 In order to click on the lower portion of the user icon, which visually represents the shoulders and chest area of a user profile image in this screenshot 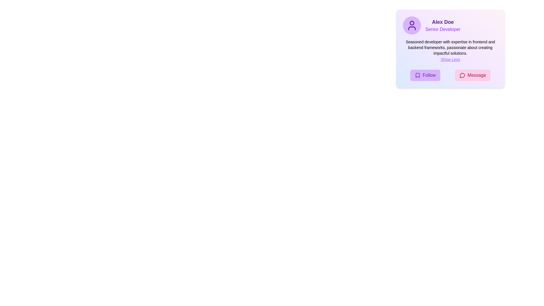, I will do `click(412, 28)`.